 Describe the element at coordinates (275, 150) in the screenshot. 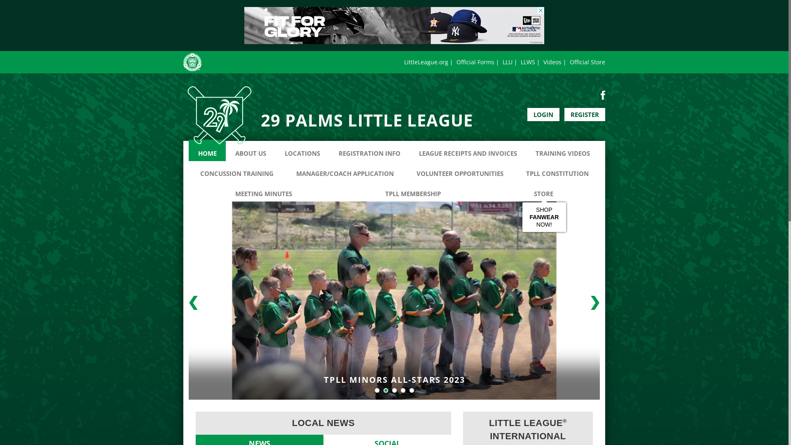

I see `'LOCATIONS'` at that location.